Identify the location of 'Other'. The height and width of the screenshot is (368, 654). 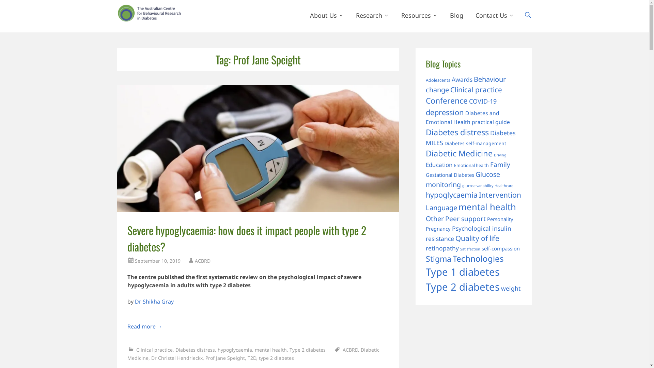
(434, 218).